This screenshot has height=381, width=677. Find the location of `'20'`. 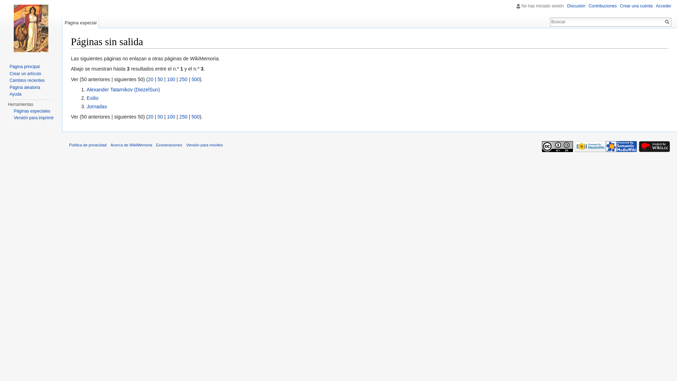

'20' is located at coordinates (147, 116).